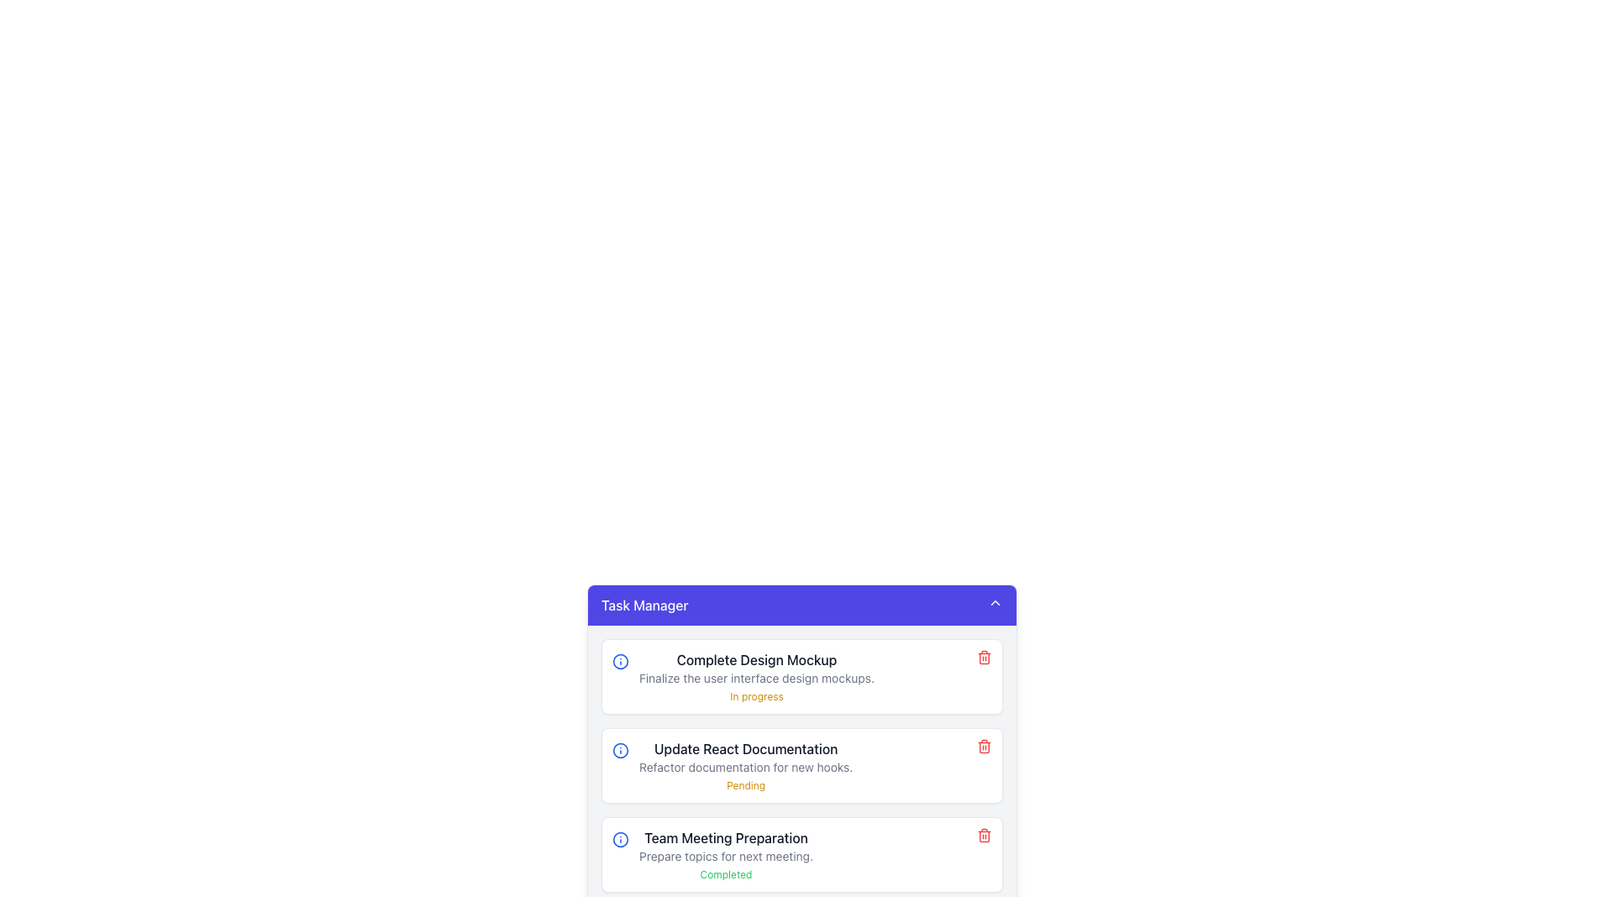  Describe the element at coordinates (726, 855) in the screenshot. I see `the task information Text block that displays the title, description, and completion status` at that location.